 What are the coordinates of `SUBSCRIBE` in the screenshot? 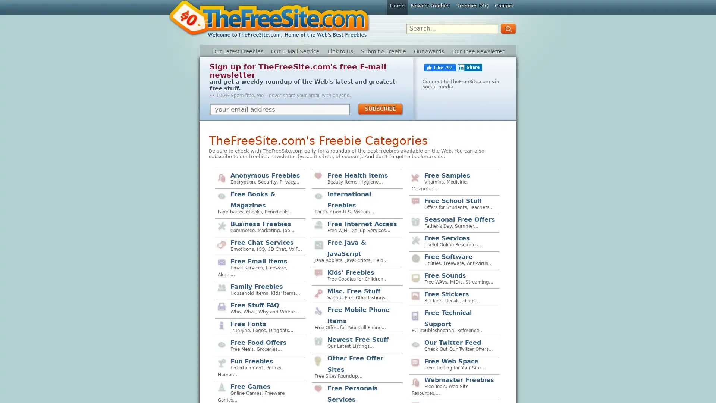 It's located at (380, 109).